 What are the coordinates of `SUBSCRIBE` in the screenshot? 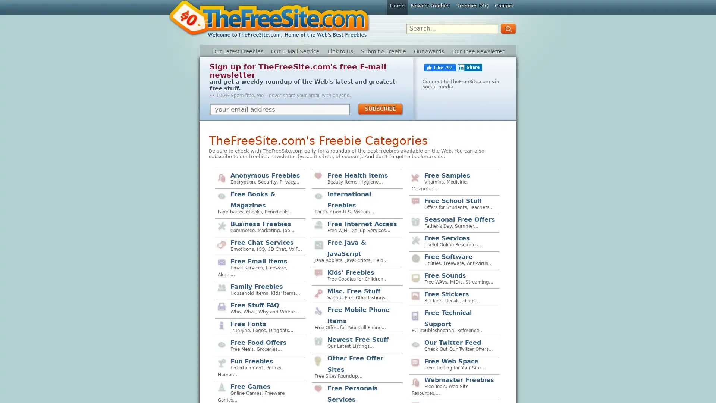 It's located at (380, 109).